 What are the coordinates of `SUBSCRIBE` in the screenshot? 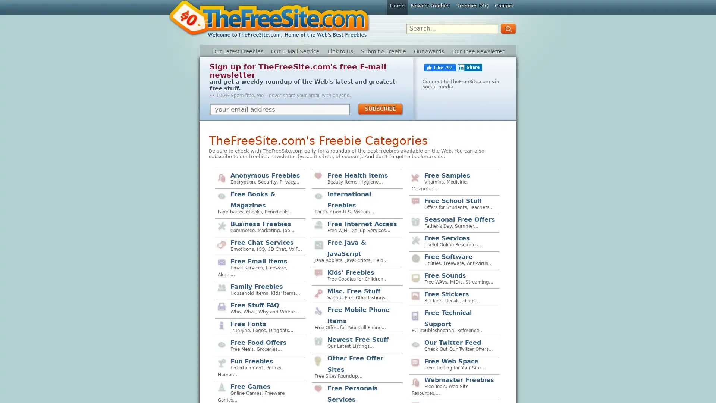 It's located at (380, 109).